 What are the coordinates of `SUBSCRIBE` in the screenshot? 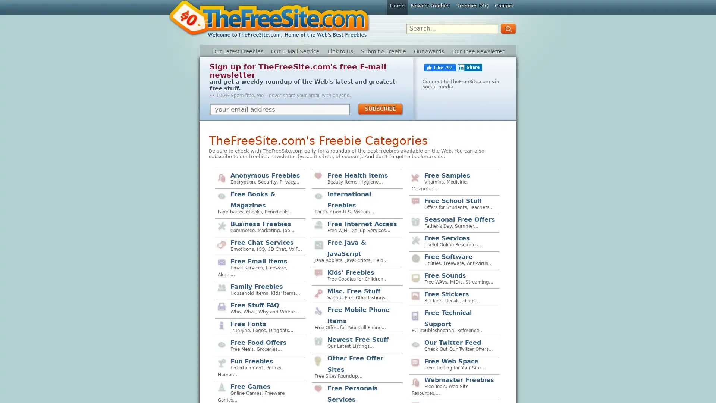 It's located at (380, 109).